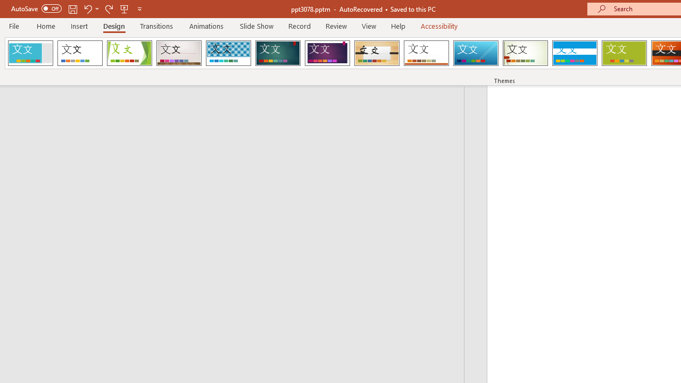  I want to click on 'Outline', so click(236, 107).